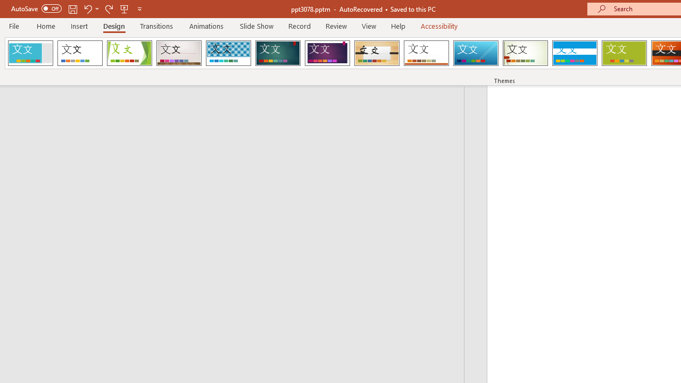  I want to click on 'Outline', so click(236, 107).